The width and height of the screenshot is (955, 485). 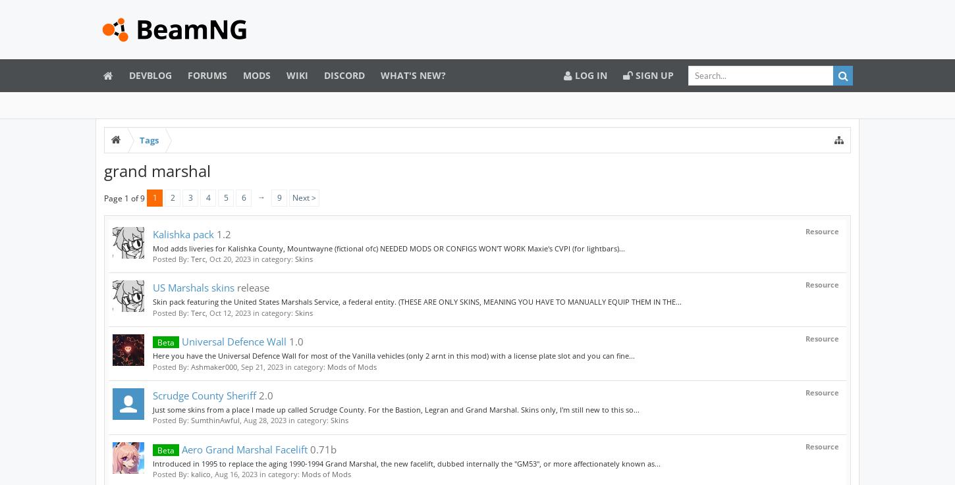 I want to click on 'Aero Grand Marshal Facelift', so click(x=179, y=448).